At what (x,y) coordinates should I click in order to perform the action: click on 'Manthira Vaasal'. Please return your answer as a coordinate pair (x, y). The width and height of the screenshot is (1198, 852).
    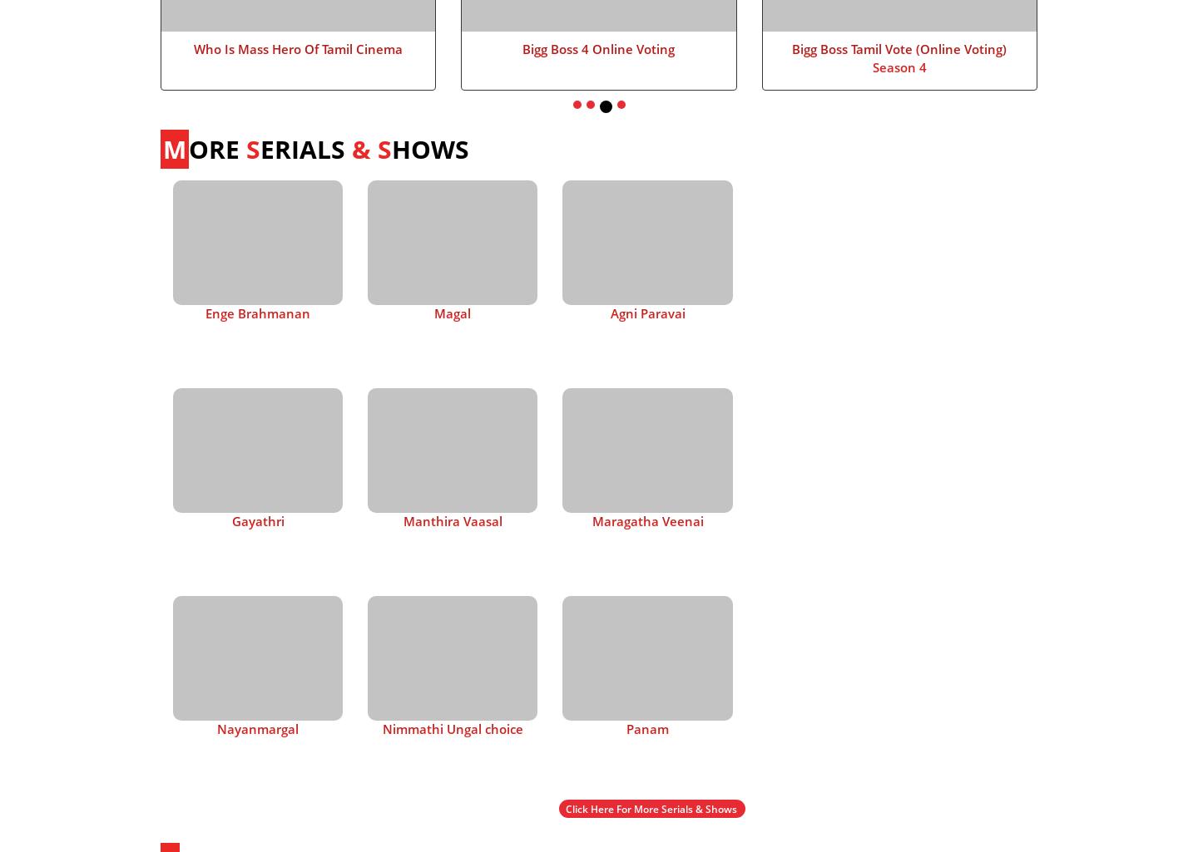
    Looking at the image, I should click on (452, 519).